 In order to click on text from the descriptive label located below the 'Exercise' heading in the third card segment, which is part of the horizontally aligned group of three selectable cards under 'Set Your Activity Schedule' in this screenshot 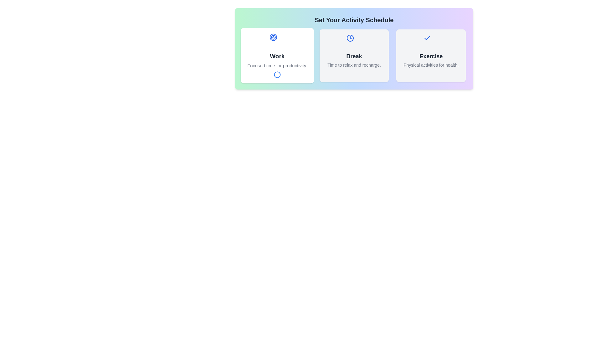, I will do `click(431, 65)`.